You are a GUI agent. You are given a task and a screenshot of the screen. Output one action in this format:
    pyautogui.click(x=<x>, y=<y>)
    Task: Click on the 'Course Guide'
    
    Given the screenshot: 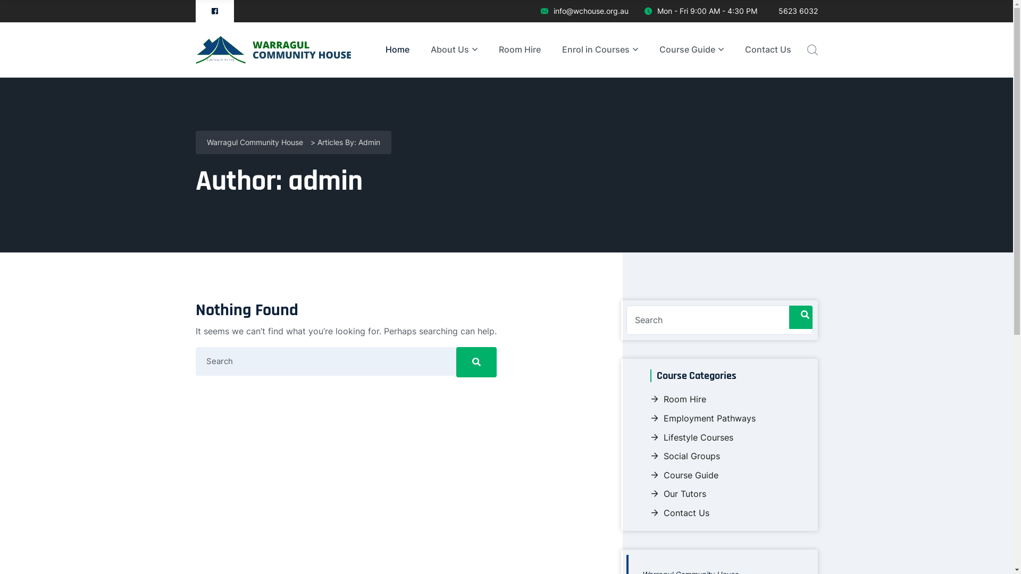 What is the action you would take?
    pyautogui.click(x=684, y=475)
    